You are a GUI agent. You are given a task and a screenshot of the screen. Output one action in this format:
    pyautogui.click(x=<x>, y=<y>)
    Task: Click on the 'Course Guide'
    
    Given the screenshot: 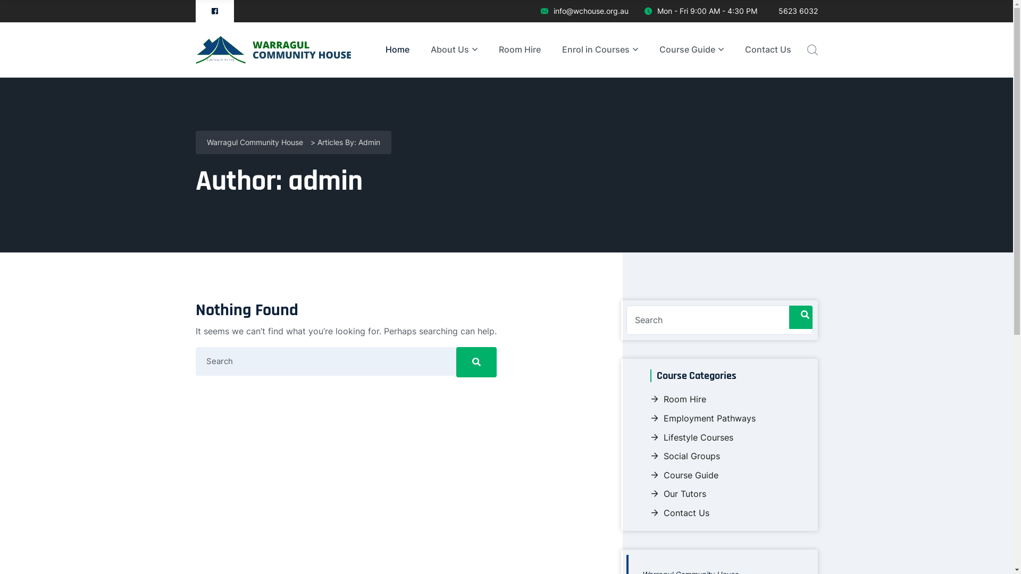 What is the action you would take?
    pyautogui.click(x=684, y=475)
    